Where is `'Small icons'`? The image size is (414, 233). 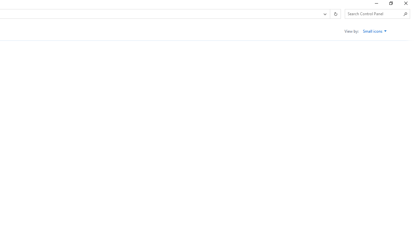 'Small icons' is located at coordinates (375, 31).